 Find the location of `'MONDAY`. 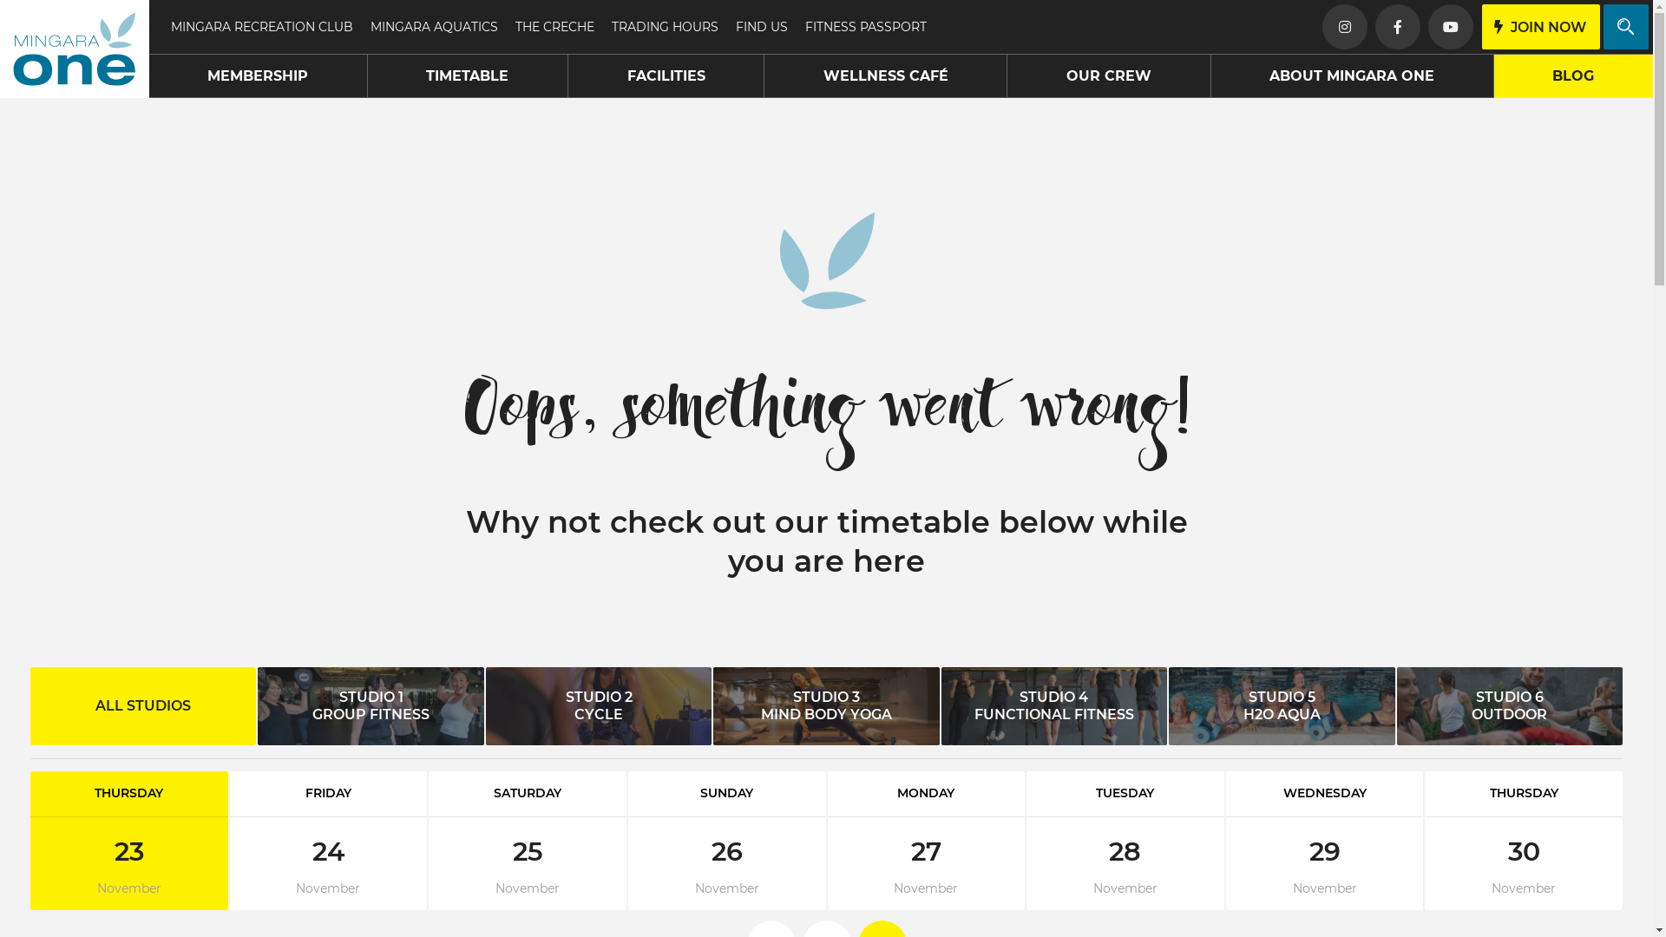

'MONDAY is located at coordinates (926, 839).